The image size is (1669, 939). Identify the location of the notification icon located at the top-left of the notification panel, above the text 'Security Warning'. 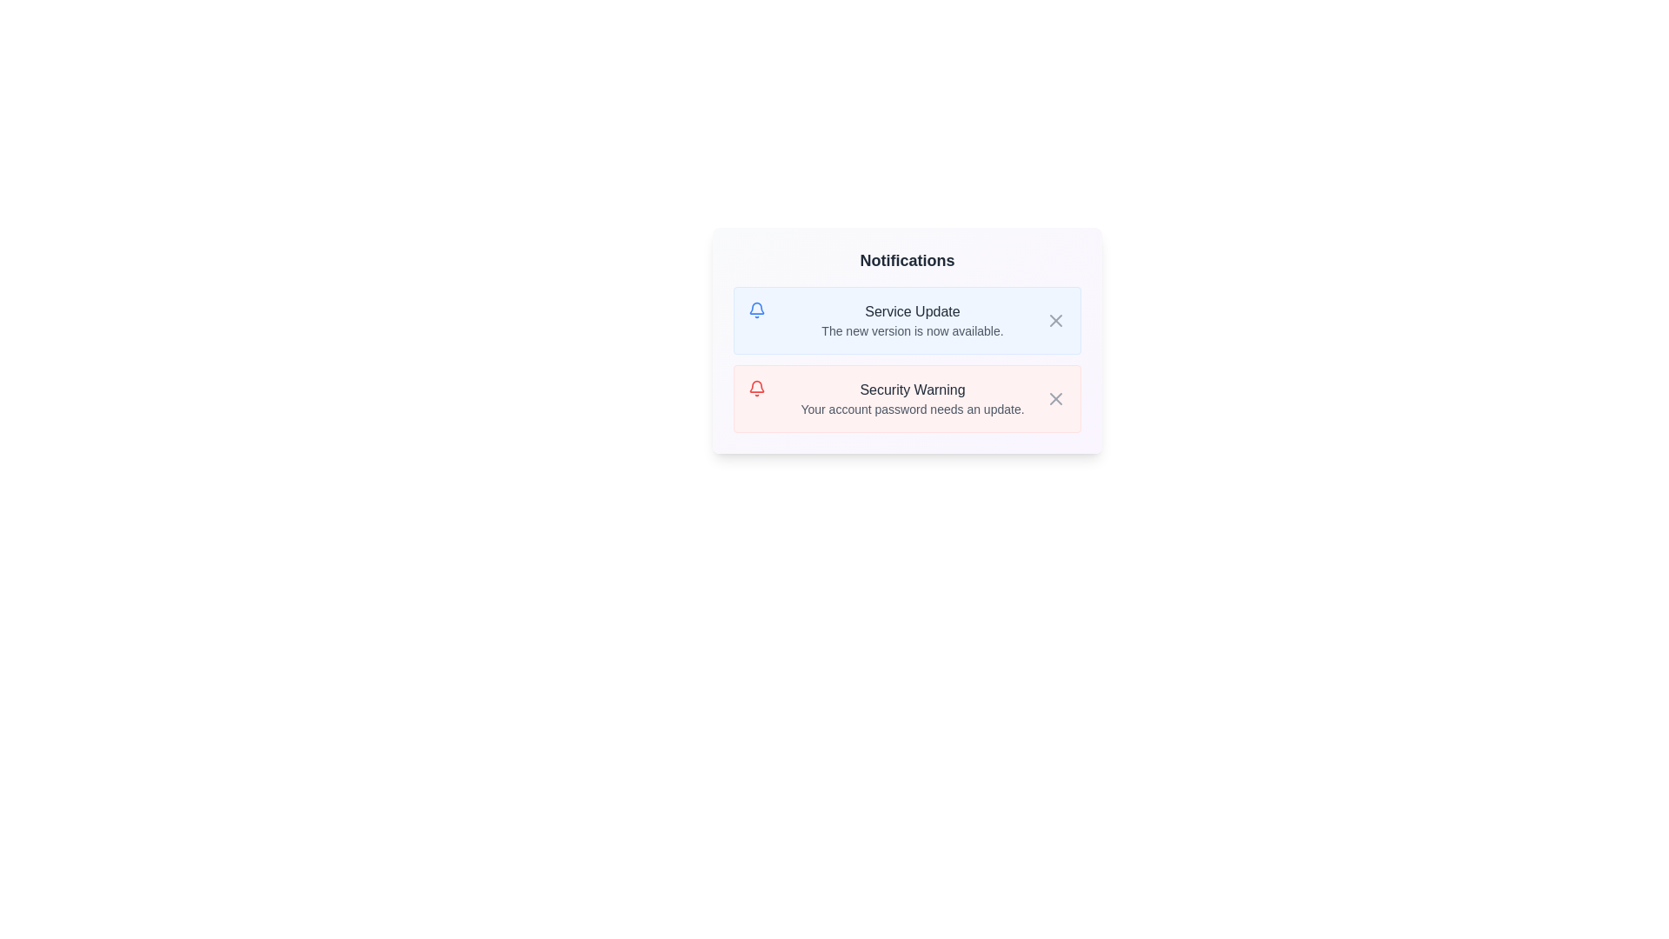
(756, 310).